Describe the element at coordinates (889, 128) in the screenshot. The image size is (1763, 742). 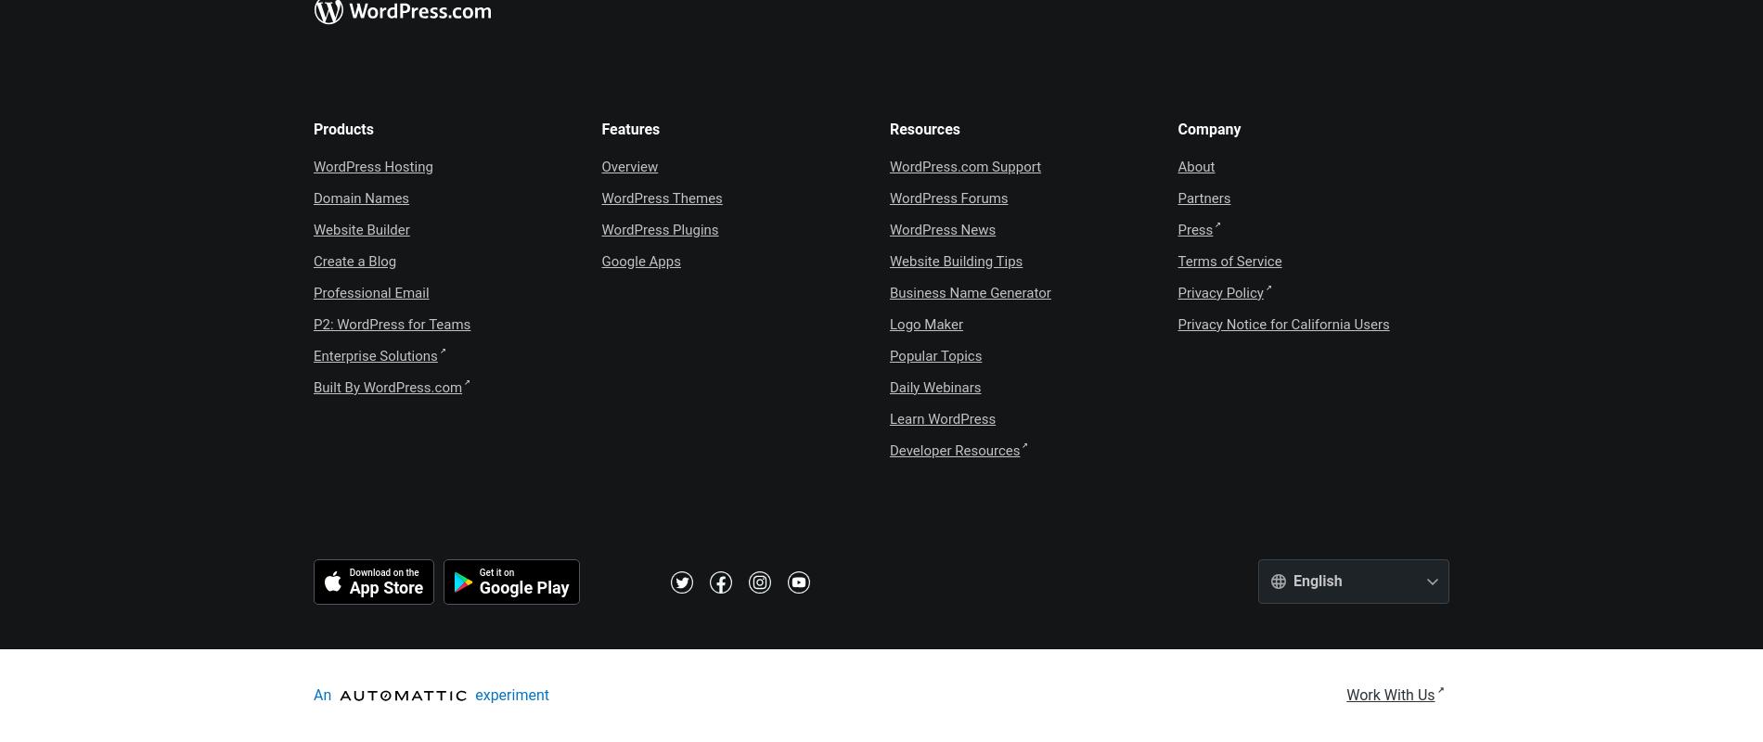
I see `'Resources'` at that location.